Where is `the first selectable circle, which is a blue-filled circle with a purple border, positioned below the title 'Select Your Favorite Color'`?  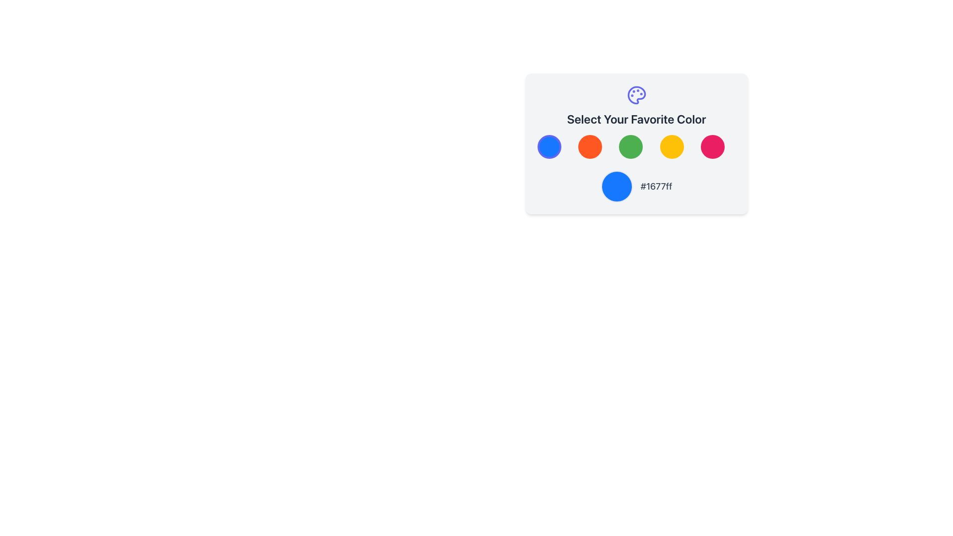 the first selectable circle, which is a blue-filled circle with a purple border, positioned below the title 'Select Your Favorite Color' is located at coordinates (548, 147).